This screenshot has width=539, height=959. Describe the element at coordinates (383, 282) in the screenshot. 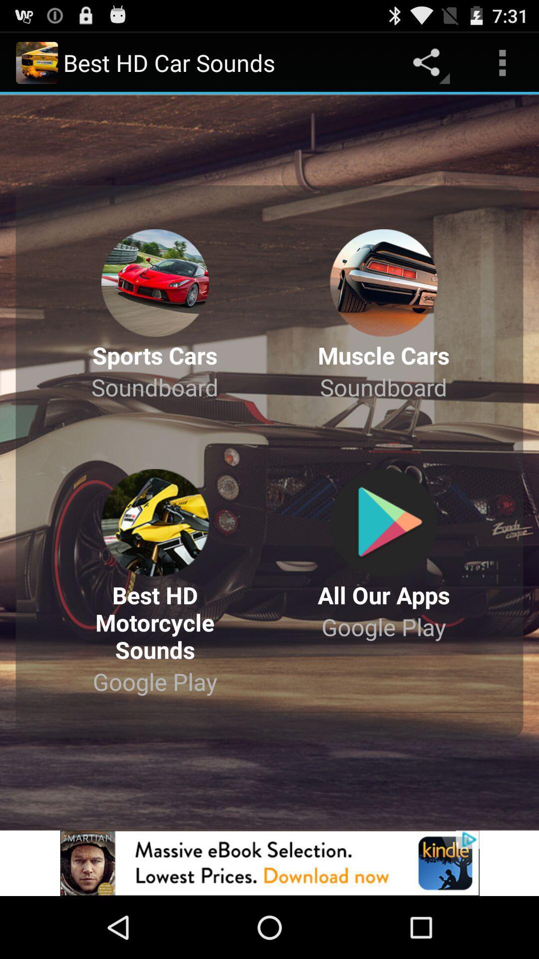

I see `the image above muscle cars` at that location.